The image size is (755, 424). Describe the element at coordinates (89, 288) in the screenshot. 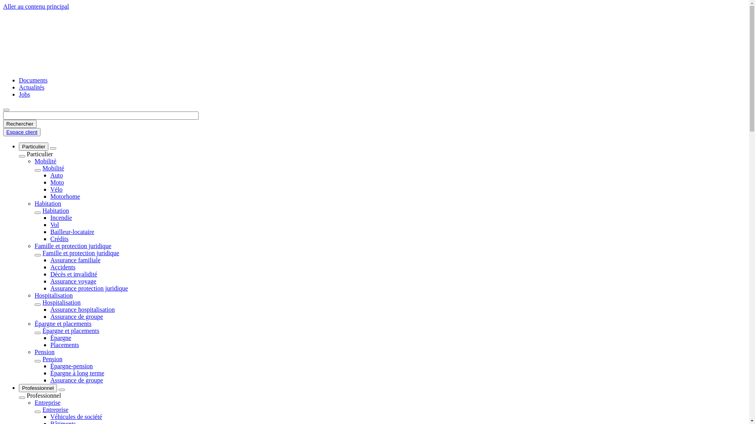

I see `'Assurance protection juridique'` at that location.